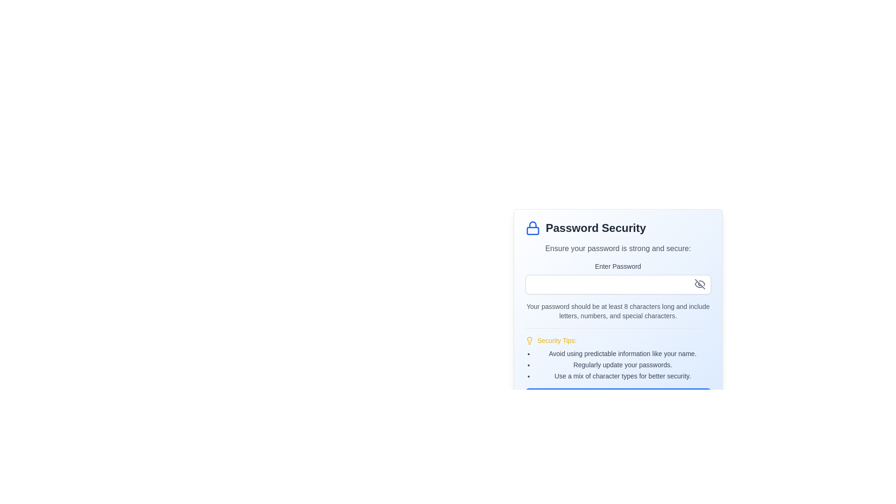 The height and width of the screenshot is (504, 896). I want to click on tip 'Regularly update your passwords.' from the second item in the bulleted list under 'Security Tips' and implement the advice, so click(623, 364).